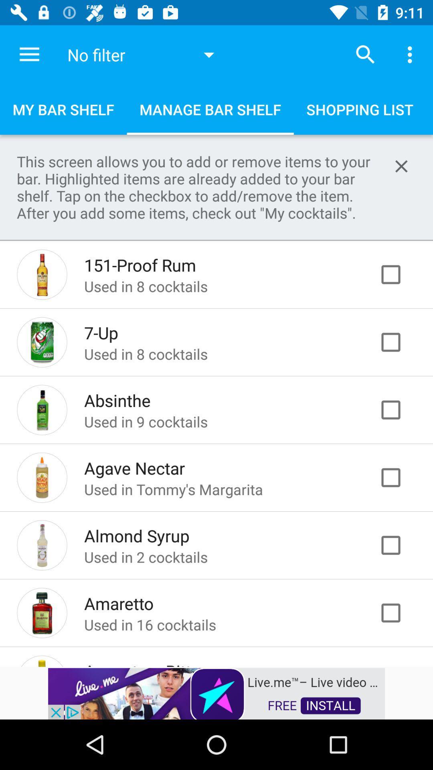 The height and width of the screenshot is (770, 433). What do you see at coordinates (399, 342) in the screenshot?
I see `check option` at bounding box center [399, 342].